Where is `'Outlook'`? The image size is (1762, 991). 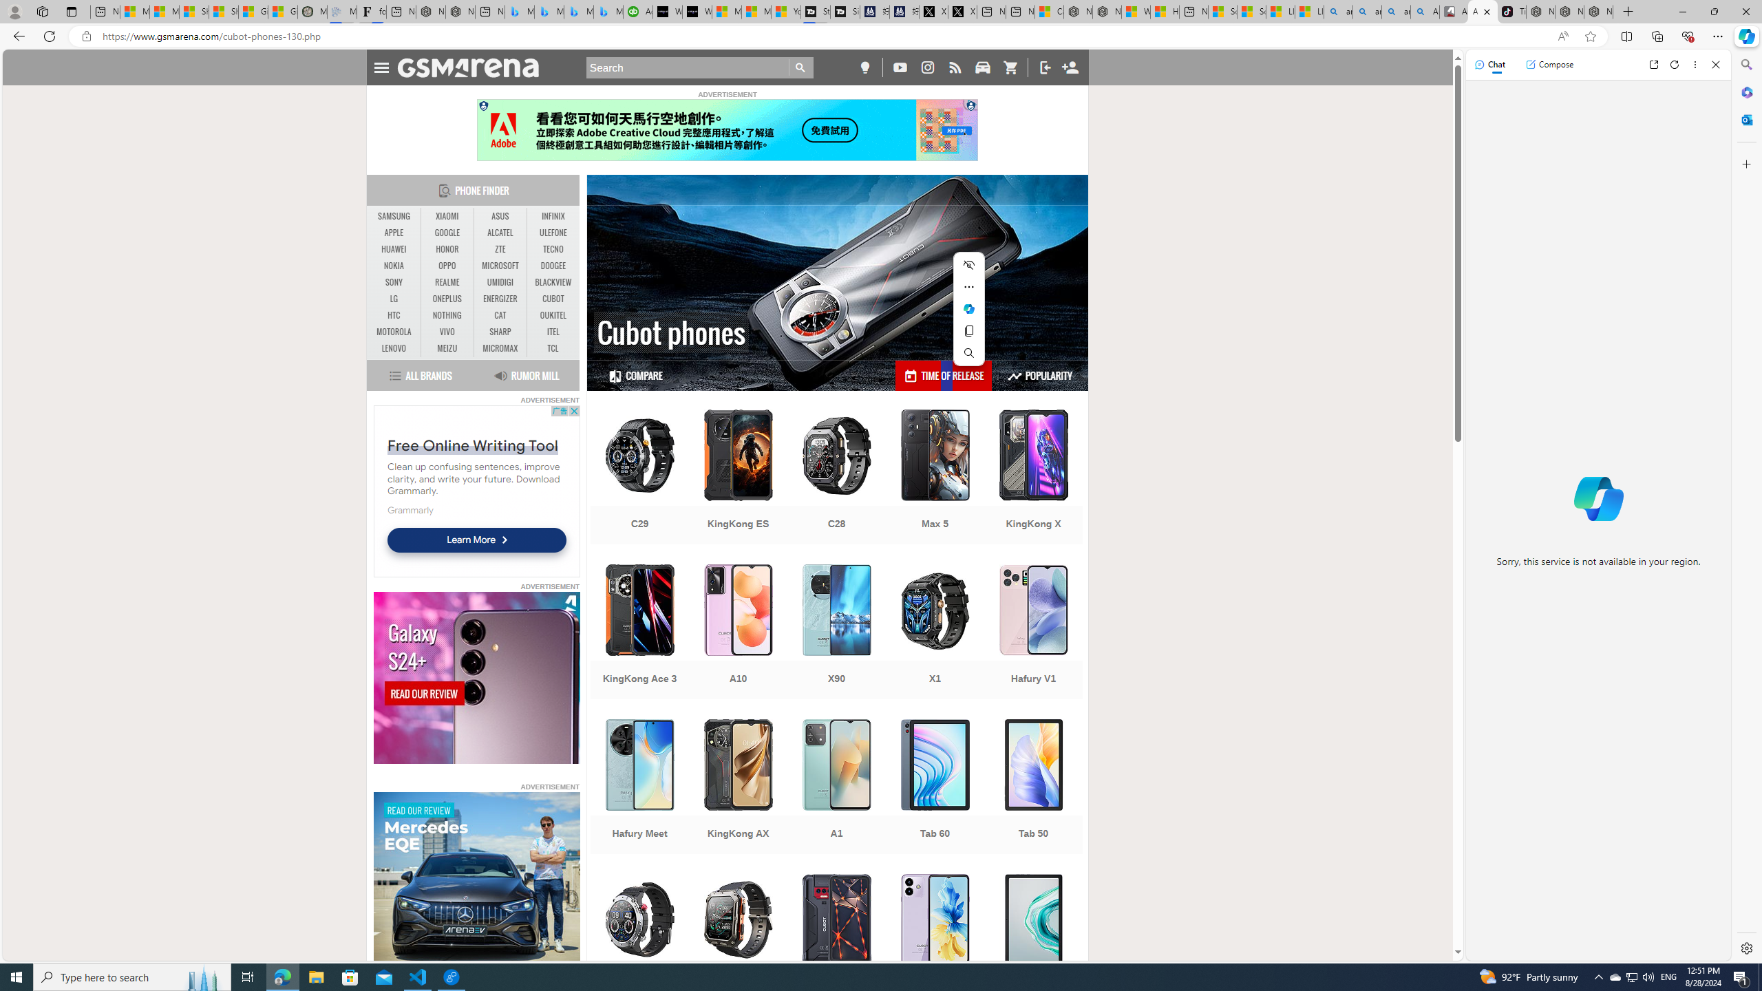
'Outlook' is located at coordinates (1745, 118).